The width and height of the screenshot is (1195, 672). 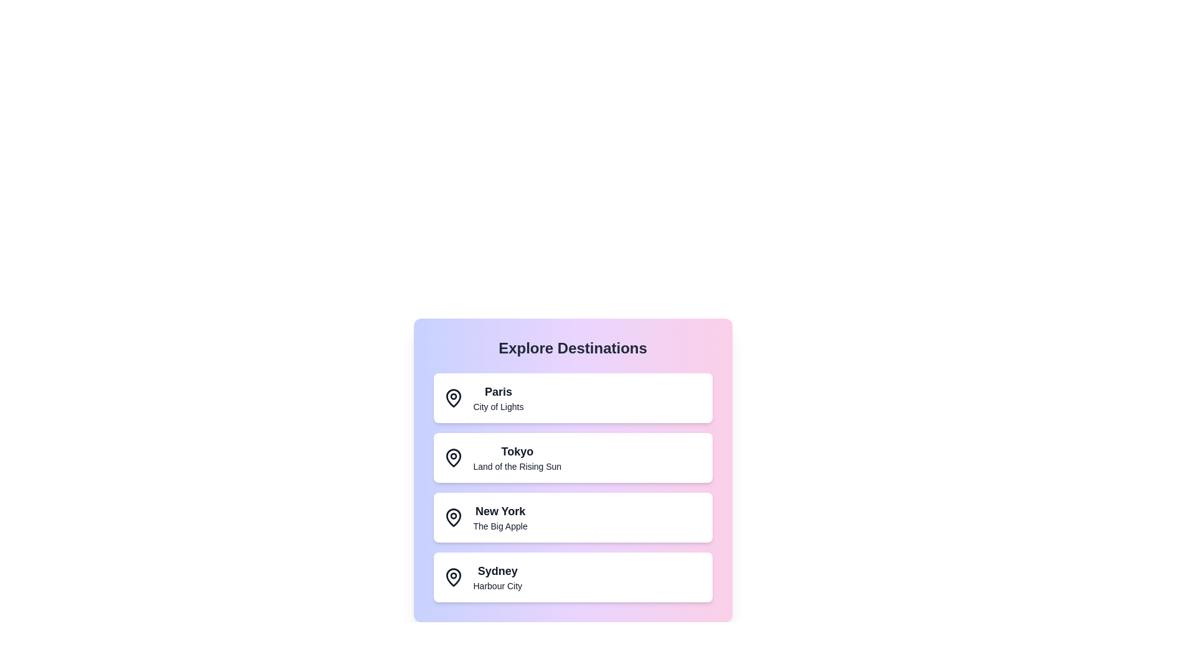 I want to click on the destination panel corresponding to Paris, so click(x=572, y=398).